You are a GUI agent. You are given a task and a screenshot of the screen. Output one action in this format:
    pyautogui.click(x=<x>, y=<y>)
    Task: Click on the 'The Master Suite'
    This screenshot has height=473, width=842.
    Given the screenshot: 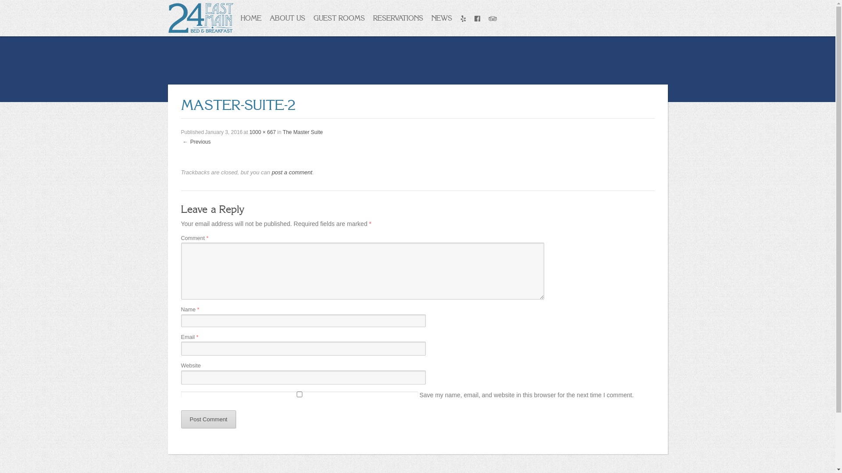 What is the action you would take?
    pyautogui.click(x=303, y=132)
    